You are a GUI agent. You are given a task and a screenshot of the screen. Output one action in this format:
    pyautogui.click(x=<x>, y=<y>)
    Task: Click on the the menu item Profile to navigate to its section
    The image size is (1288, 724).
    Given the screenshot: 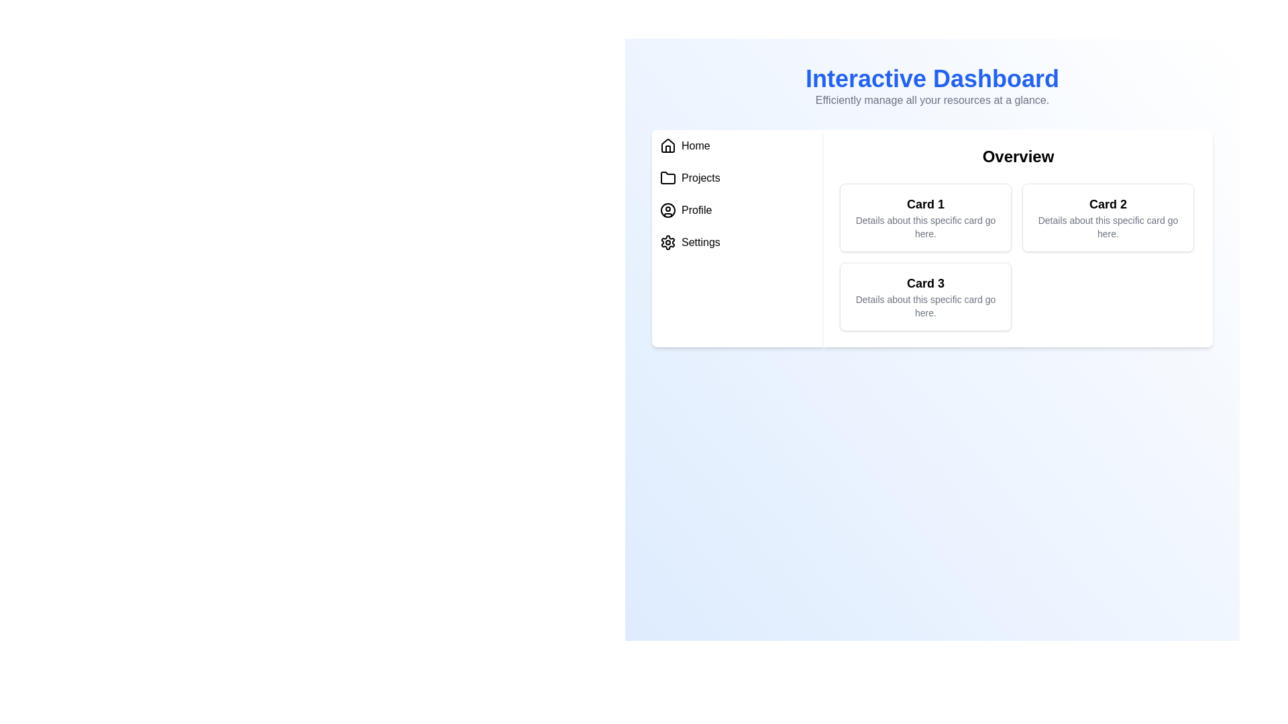 What is the action you would take?
    pyautogui.click(x=737, y=210)
    